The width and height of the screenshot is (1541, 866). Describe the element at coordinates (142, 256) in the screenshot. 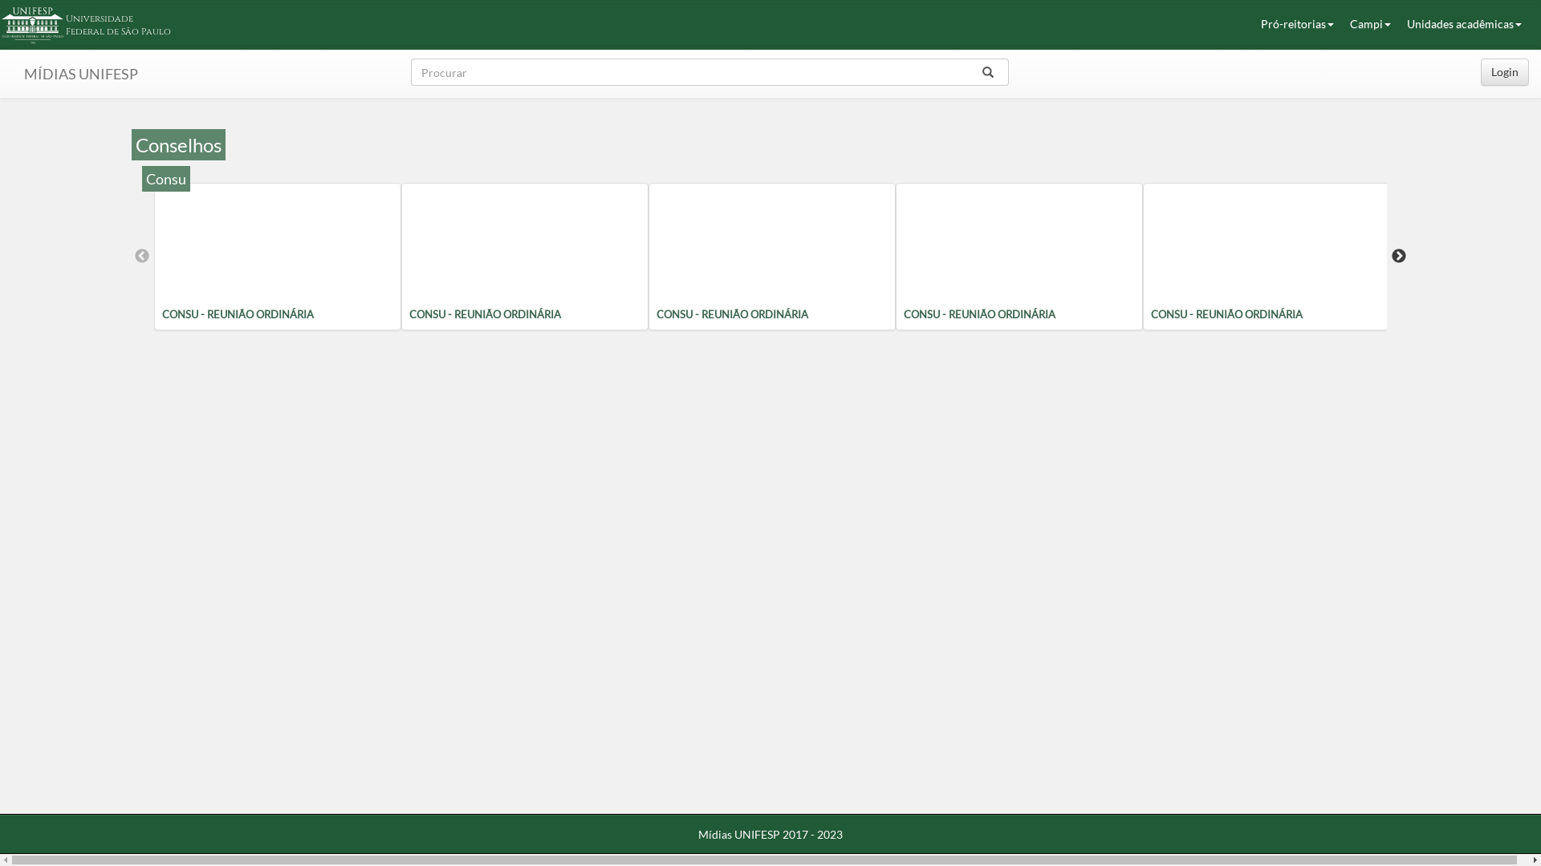

I see `'Previous'` at that location.